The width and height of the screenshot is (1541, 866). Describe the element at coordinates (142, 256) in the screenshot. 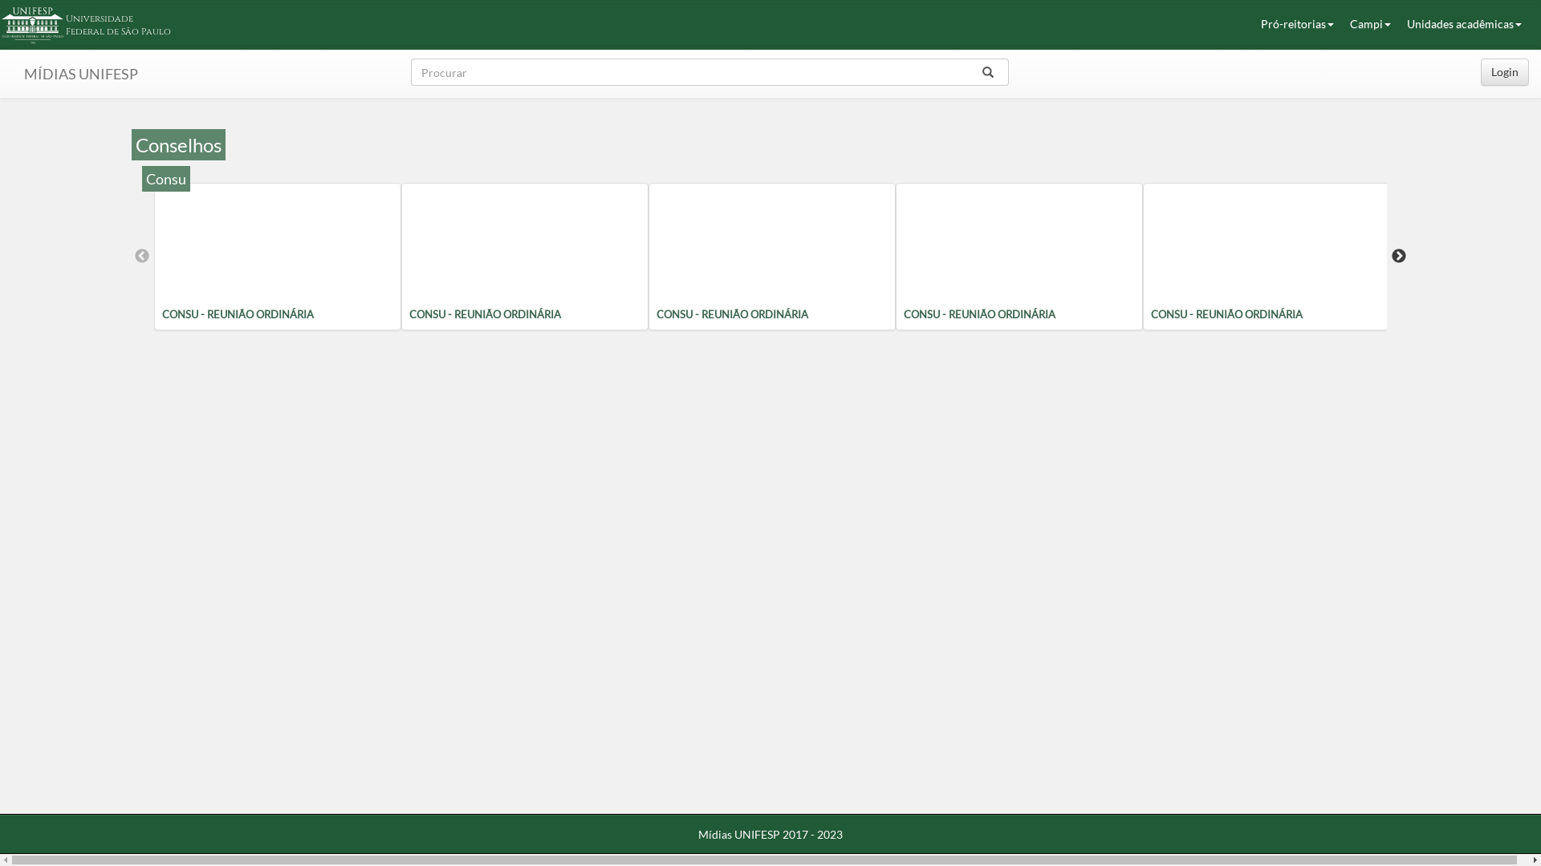

I see `'Previous'` at that location.